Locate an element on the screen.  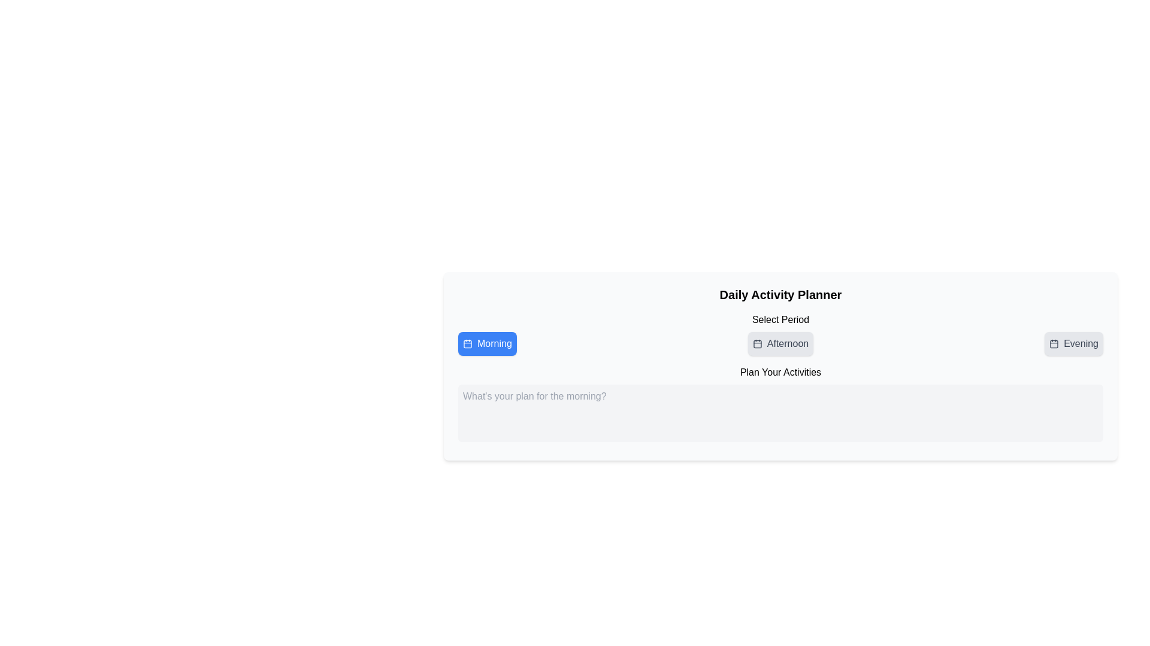
the blue rectangular icon with slightly rounded corners that is part of the SVG graphic next to the 'Morning' button is located at coordinates (467, 343).